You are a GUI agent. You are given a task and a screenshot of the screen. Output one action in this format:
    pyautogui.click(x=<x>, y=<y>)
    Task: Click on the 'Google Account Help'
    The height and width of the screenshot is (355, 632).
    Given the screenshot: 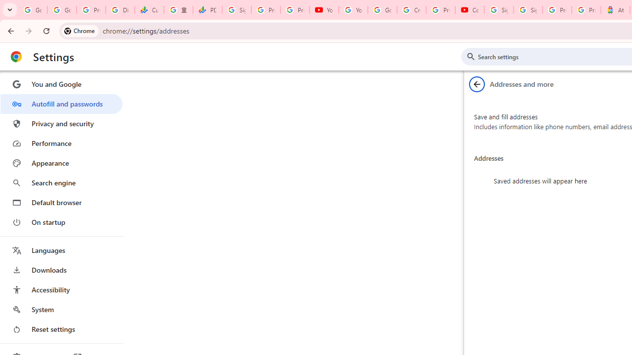 What is the action you would take?
    pyautogui.click(x=382, y=10)
    